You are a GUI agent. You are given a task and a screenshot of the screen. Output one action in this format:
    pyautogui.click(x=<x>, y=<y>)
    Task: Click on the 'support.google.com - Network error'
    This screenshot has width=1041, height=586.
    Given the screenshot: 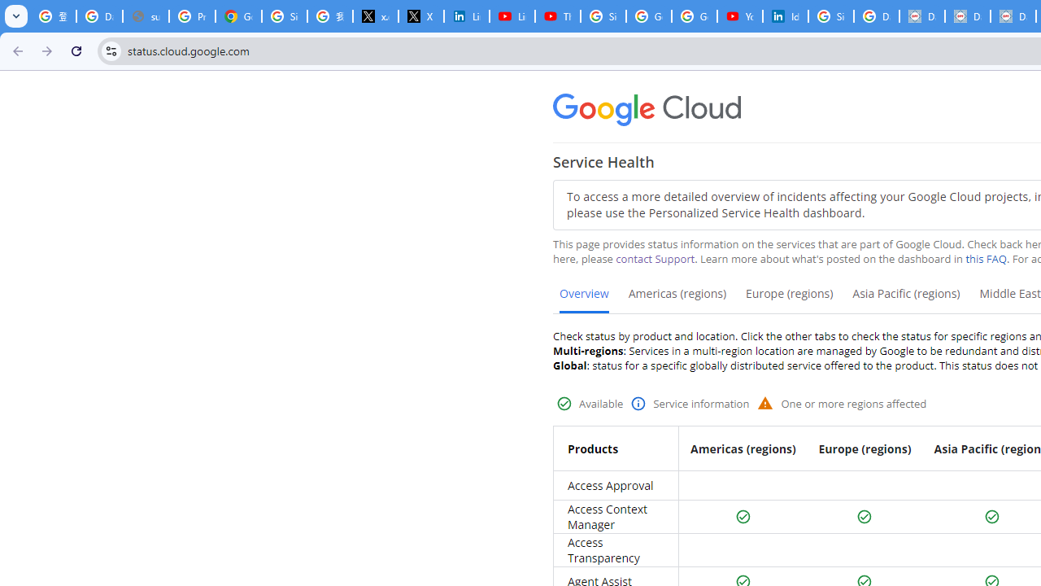 What is the action you would take?
    pyautogui.click(x=146, y=16)
    